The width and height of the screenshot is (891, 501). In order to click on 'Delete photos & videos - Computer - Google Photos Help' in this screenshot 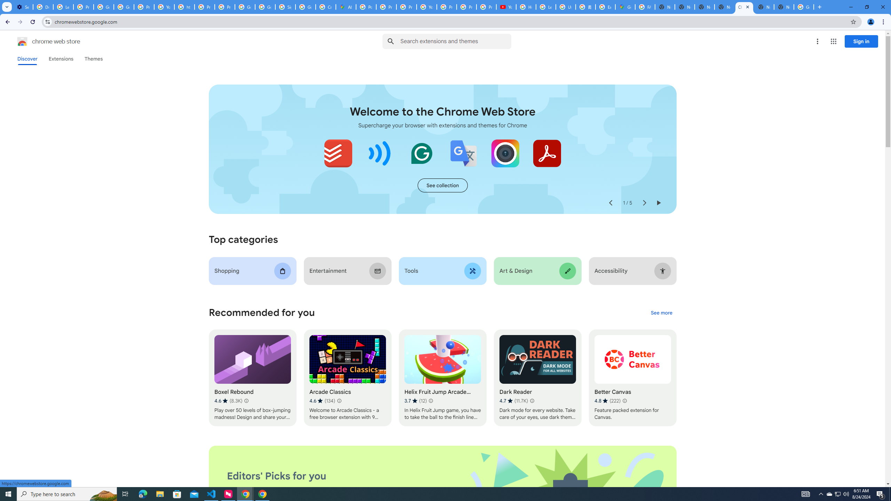, I will do `click(43, 7)`.